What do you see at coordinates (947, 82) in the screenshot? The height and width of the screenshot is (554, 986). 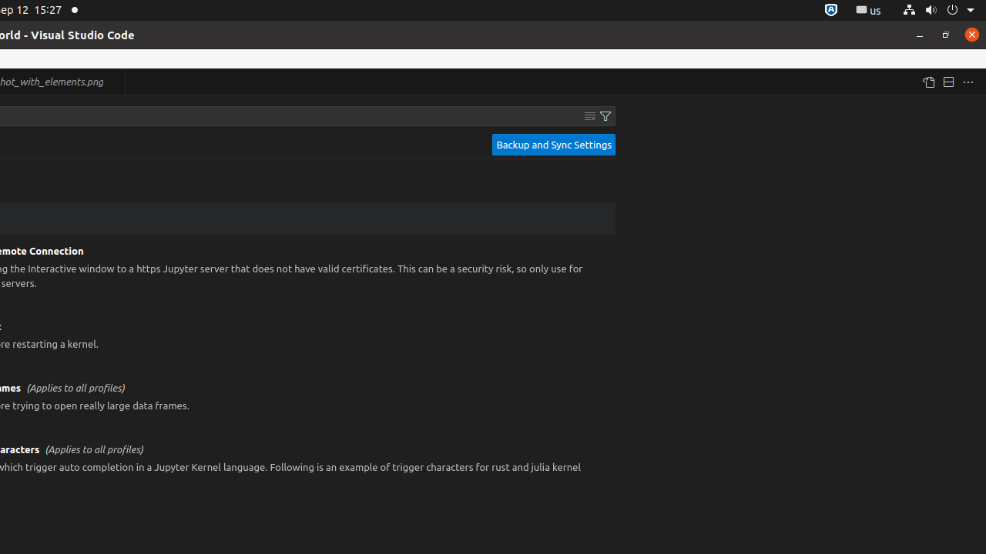 I see `'Split Editor Right (Ctrl+\) [Alt] Split Editor Down'` at bounding box center [947, 82].